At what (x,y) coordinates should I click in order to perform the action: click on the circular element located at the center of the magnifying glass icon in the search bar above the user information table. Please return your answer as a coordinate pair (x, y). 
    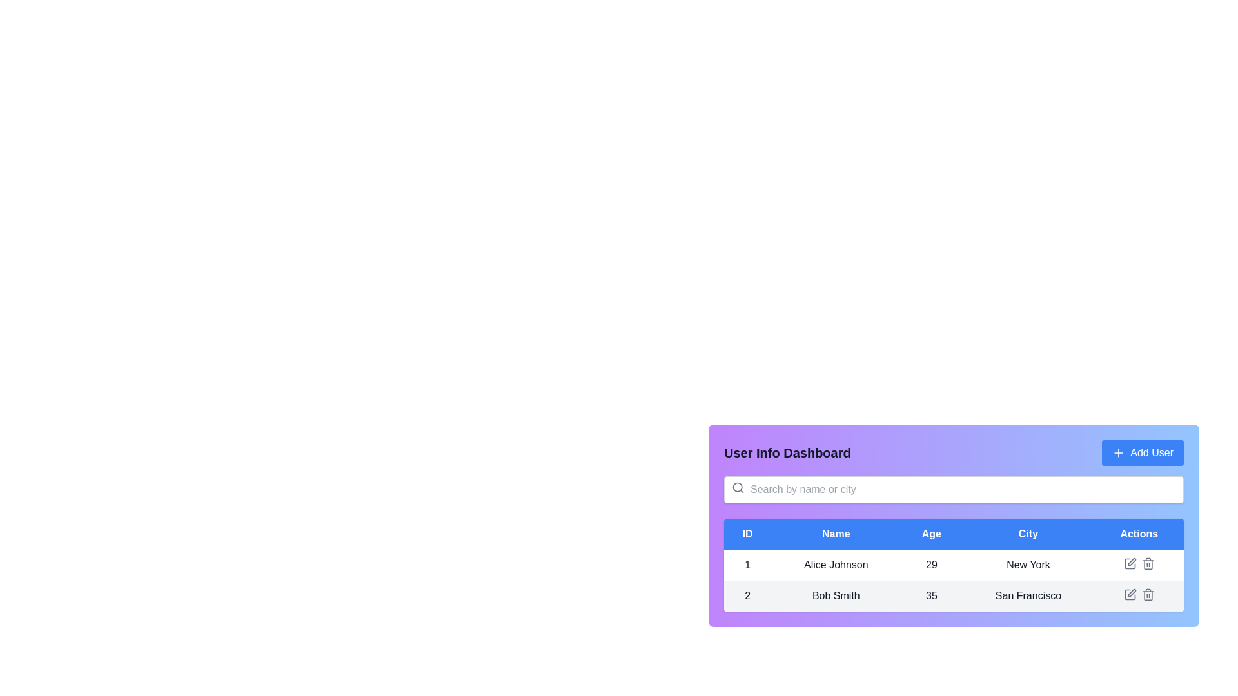
    Looking at the image, I should click on (738, 487).